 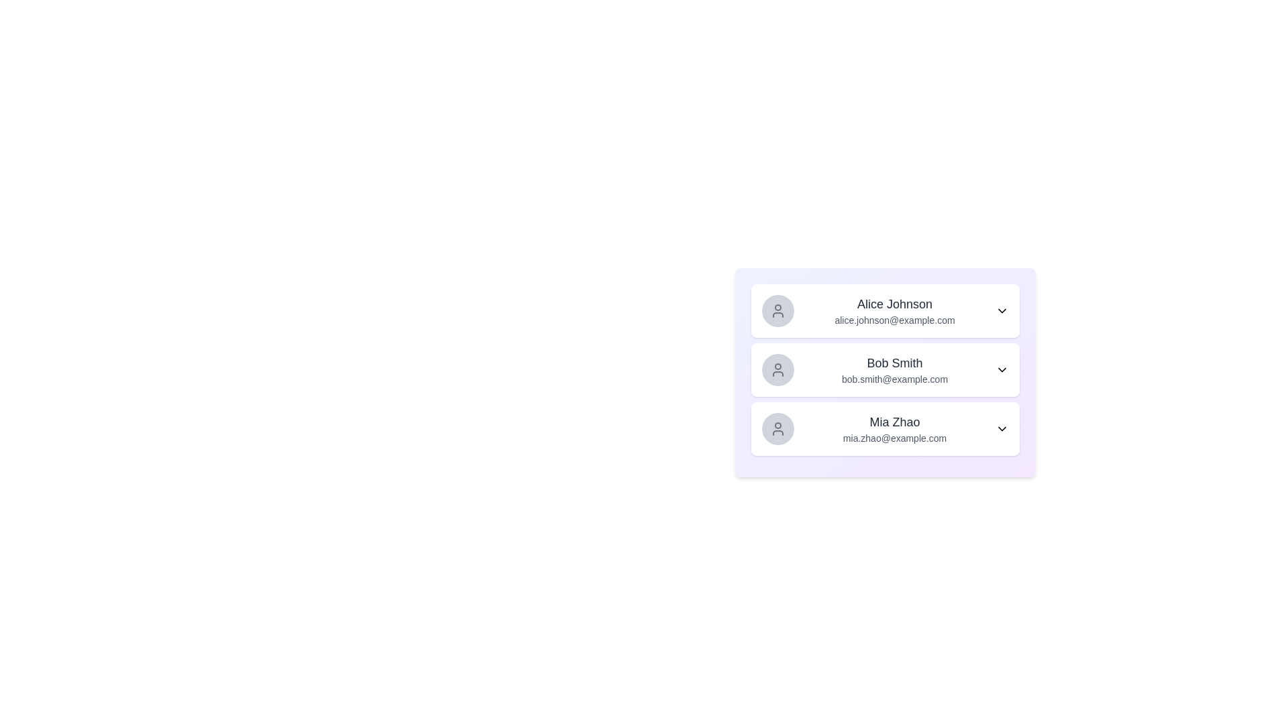 I want to click on the chevron on the user profile listing that is centrally located between 'Alice Johnson' and 'Mia Zhao', so click(x=885, y=369).